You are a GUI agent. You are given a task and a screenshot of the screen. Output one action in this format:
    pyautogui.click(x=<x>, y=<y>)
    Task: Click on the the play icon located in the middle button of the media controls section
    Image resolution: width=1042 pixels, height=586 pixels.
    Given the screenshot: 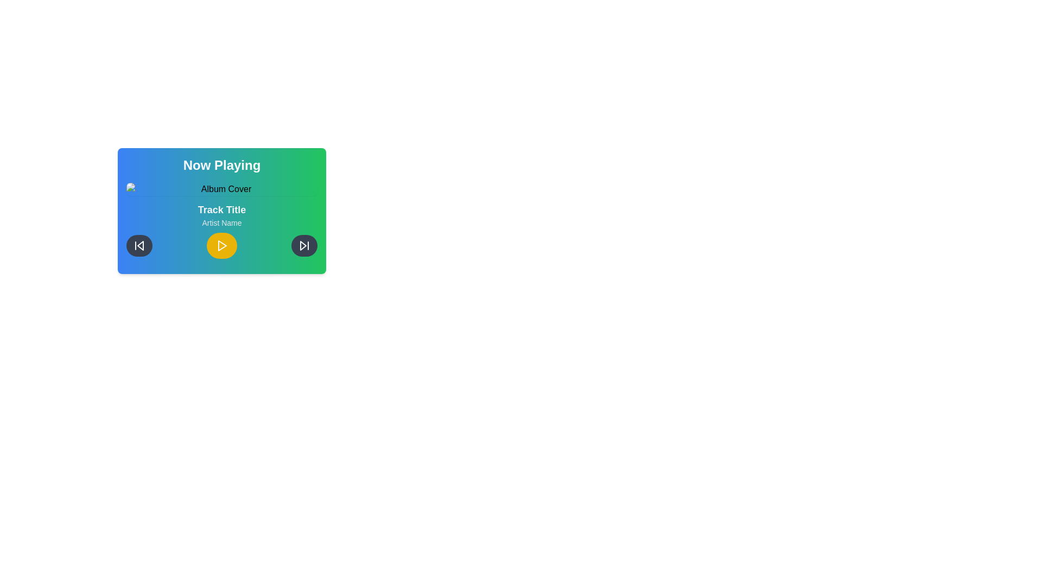 What is the action you would take?
    pyautogui.click(x=221, y=245)
    